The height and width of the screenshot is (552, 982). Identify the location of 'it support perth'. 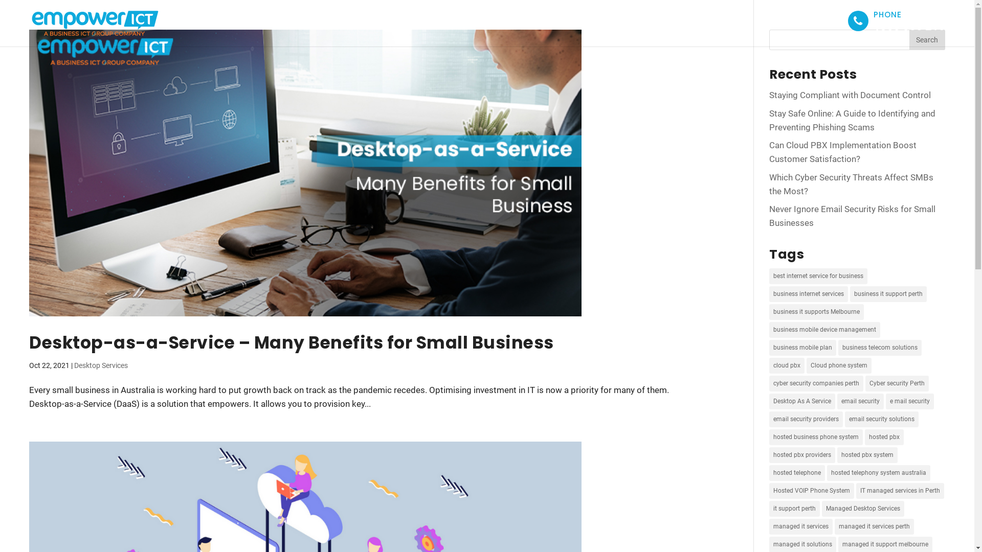
(794, 509).